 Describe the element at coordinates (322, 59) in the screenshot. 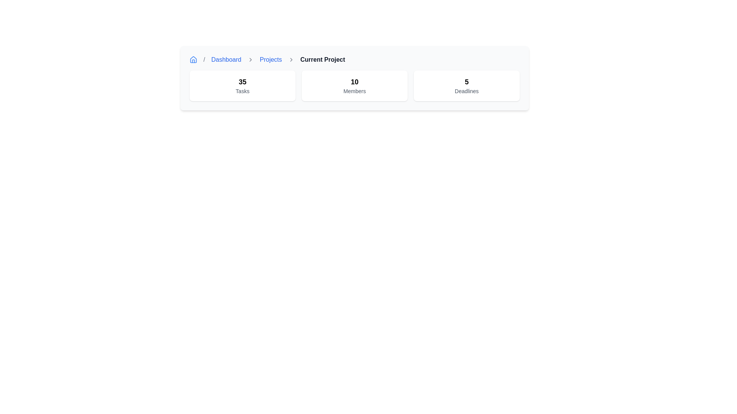

I see `the 'Current Project' link text, which is the final bold entry in the breadcrumb navigation at the top of the page` at that location.